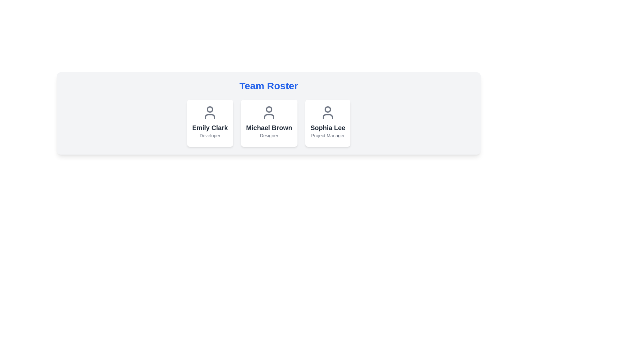  I want to click on text content of the element displaying the name 'Emily Clark', which is centrally located within the team member card, above the subtitle 'Developer', so click(210, 127).